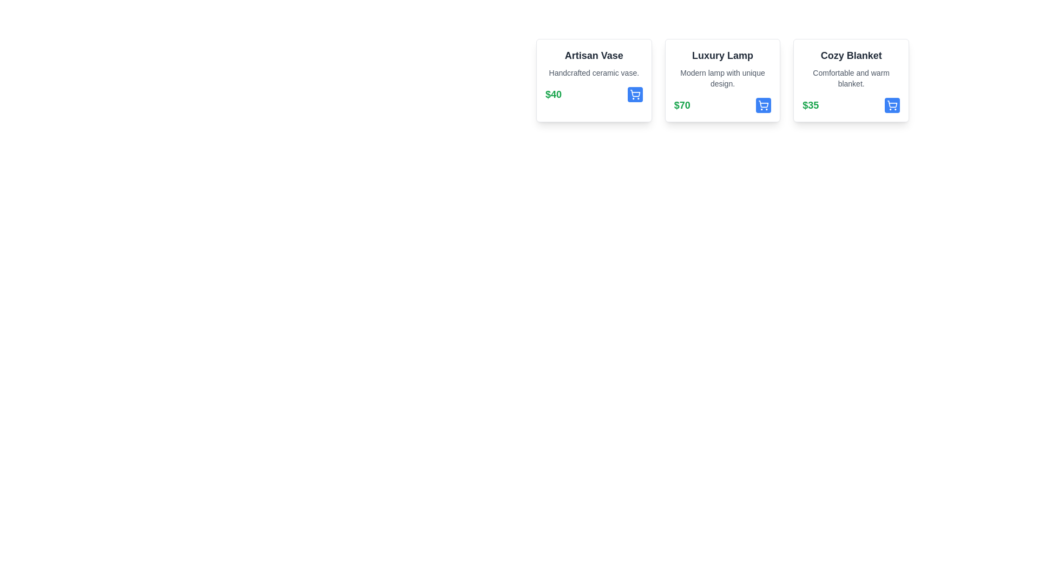 The image size is (1039, 584). What do you see at coordinates (851, 56) in the screenshot?
I see `text header 'Cozy Blanket' which is prominently displayed in bold, large font within a white rectangular card at the top of the third card in a group of three similar cards` at bounding box center [851, 56].